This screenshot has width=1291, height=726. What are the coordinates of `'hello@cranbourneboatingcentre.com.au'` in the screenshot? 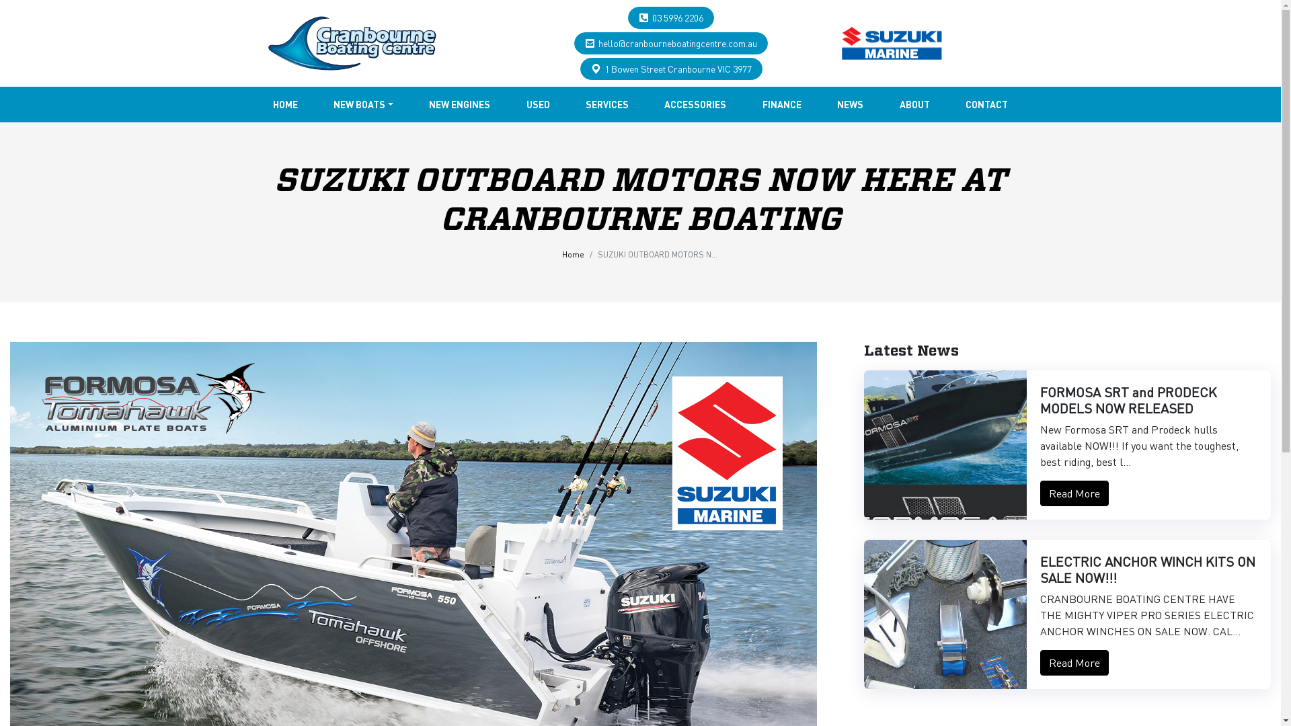 It's located at (678, 42).